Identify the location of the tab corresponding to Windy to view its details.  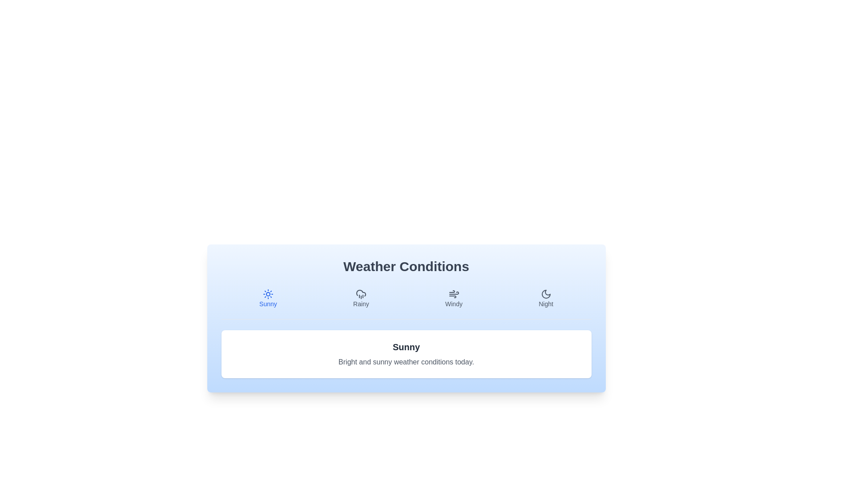
(454, 298).